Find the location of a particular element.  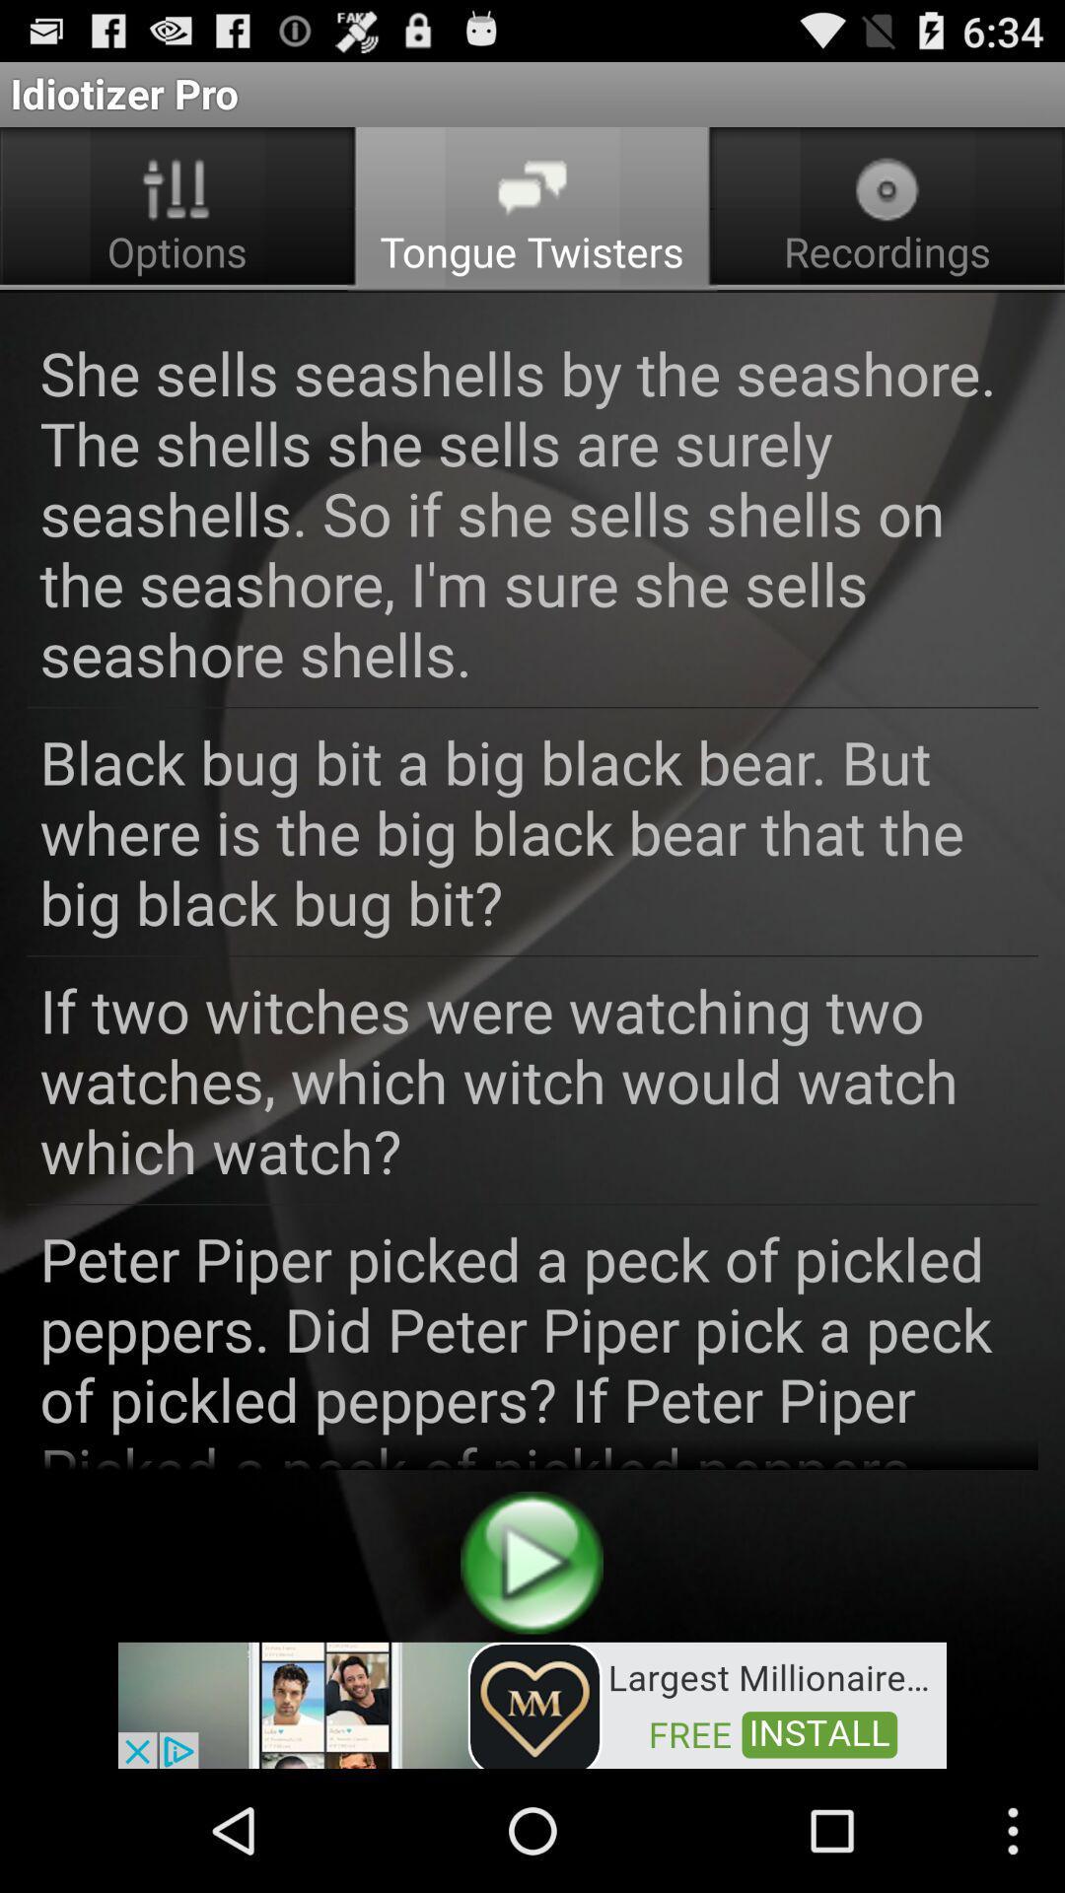

to view add is located at coordinates (532, 1703).